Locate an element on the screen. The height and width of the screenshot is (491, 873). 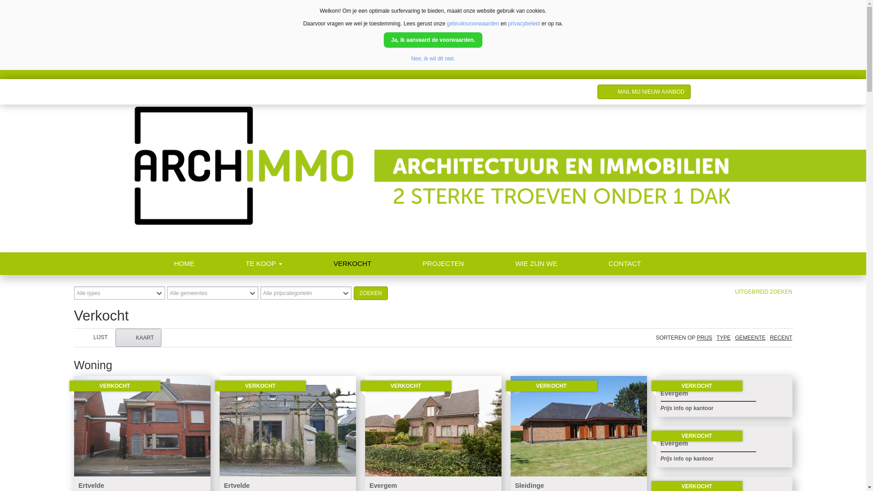
'GEMEENTE' is located at coordinates (748, 338).